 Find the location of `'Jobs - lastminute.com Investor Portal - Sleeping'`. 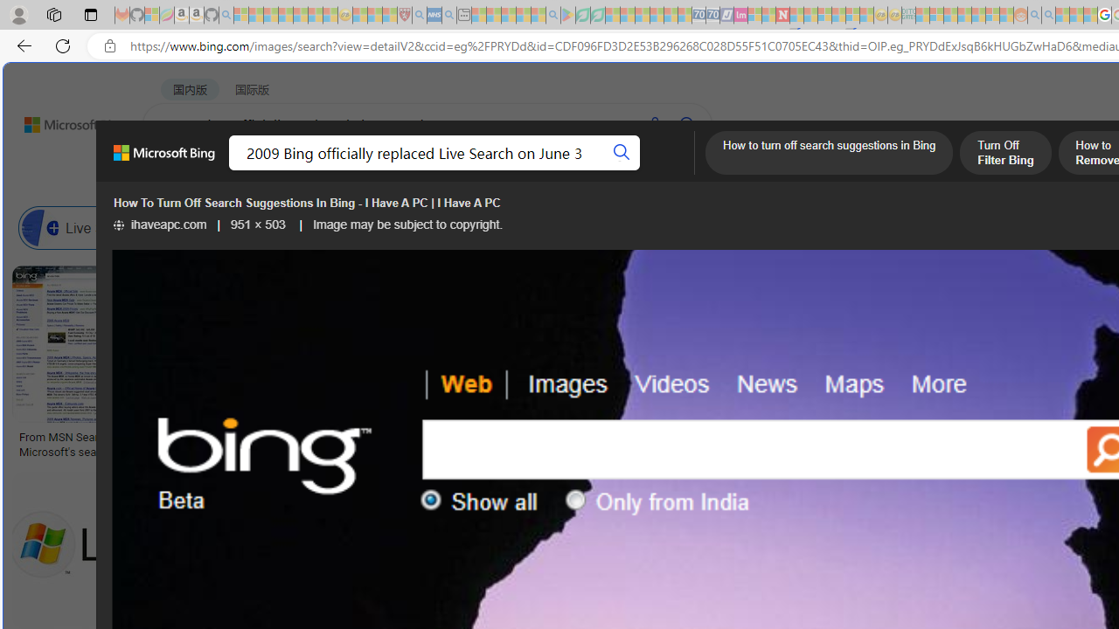

'Jobs - lastminute.com Investor Portal - Sleeping' is located at coordinates (740, 15).